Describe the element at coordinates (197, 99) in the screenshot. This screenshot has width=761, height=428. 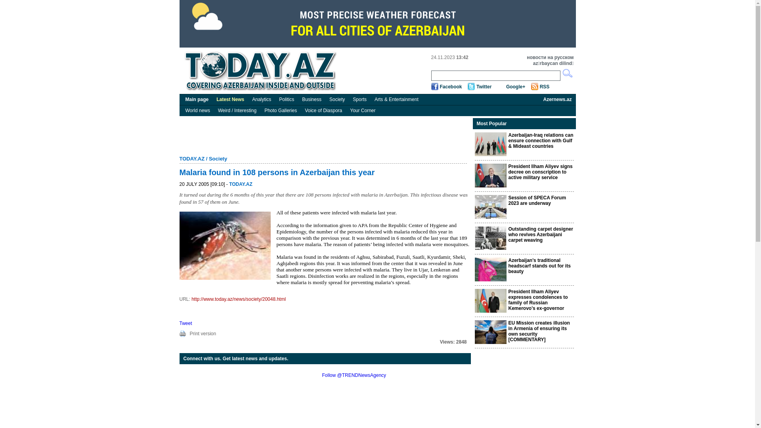
I see `'Main page'` at that location.